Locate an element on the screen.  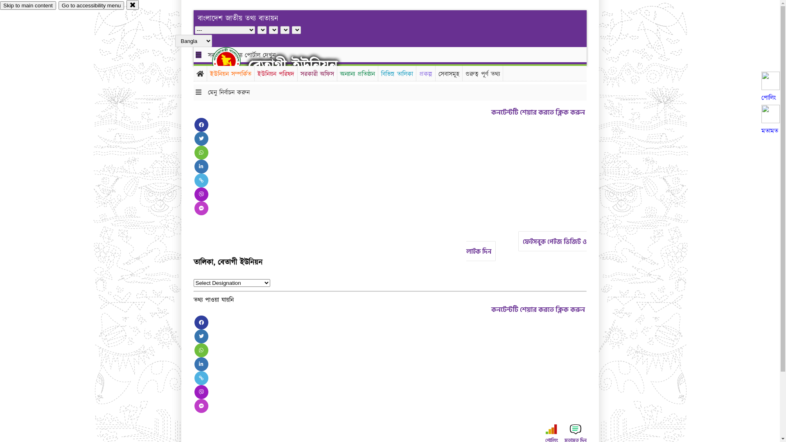
'Go to accessibility menu' is located at coordinates (58, 5).